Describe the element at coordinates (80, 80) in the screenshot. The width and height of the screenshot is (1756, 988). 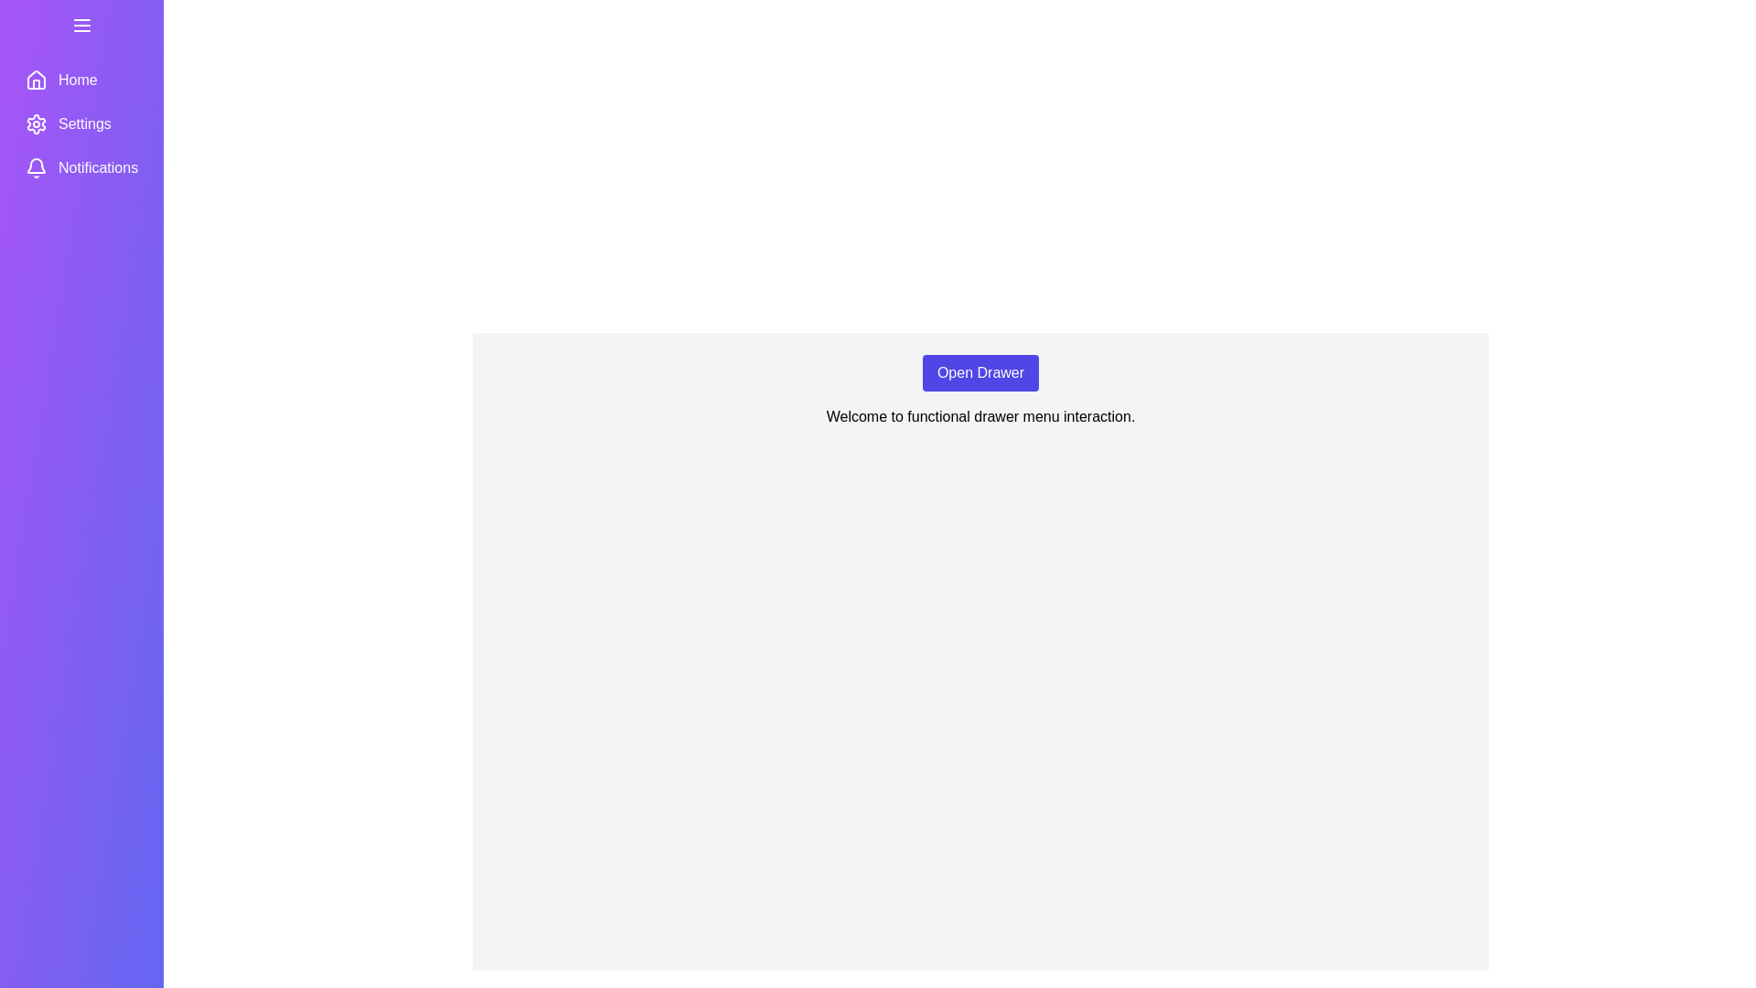
I see `the menu item Home in the drawer` at that location.